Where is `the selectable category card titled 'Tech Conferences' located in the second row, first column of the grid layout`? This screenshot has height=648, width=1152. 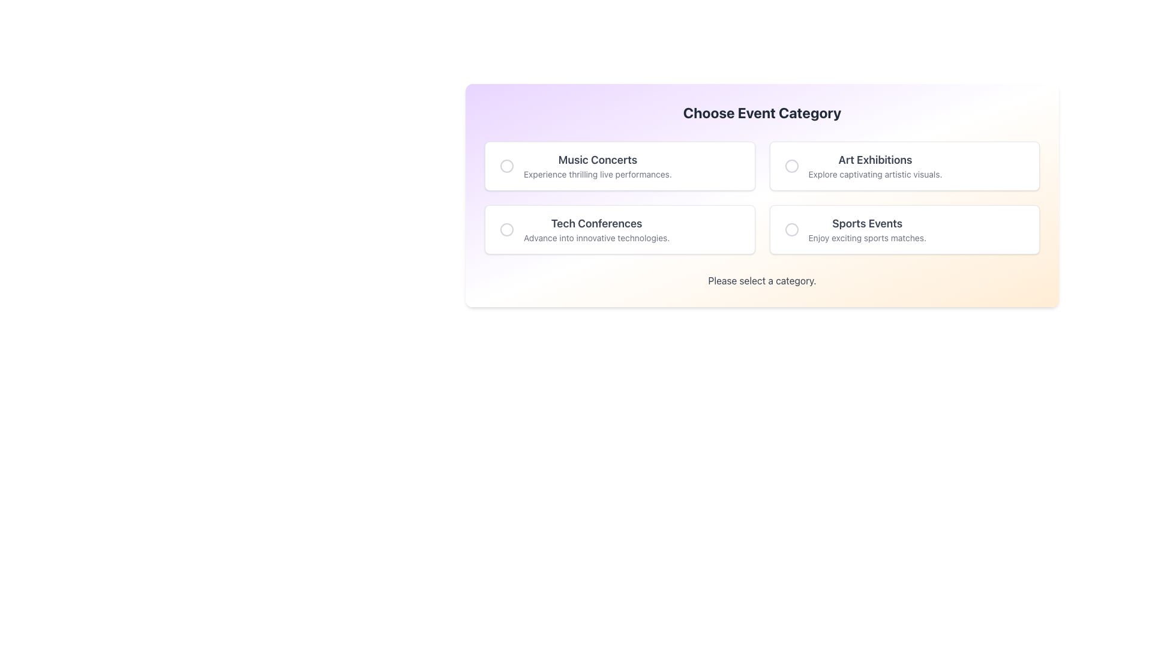 the selectable category card titled 'Tech Conferences' located in the second row, first column of the grid layout is located at coordinates (620, 229).